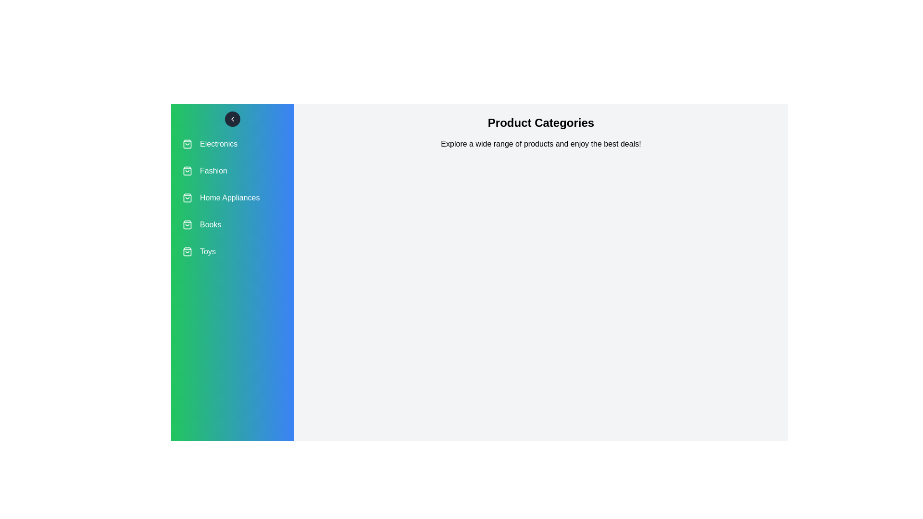 The width and height of the screenshot is (923, 519). What do you see at coordinates (187, 198) in the screenshot?
I see `the icon associated with the category Home Appliances` at bounding box center [187, 198].